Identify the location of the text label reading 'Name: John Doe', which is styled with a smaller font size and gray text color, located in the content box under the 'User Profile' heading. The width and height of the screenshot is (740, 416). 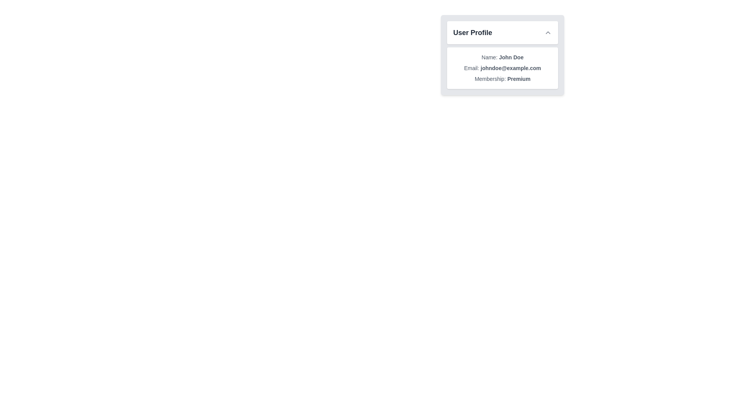
(503, 57).